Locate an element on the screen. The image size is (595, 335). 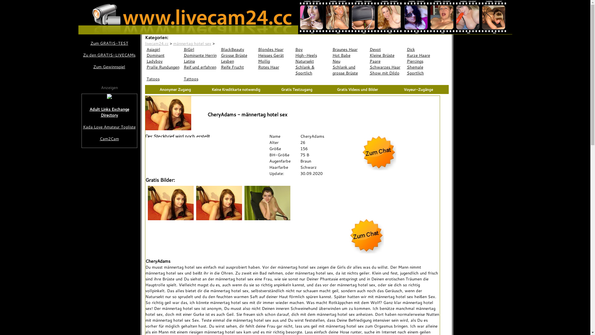
'Reif und erfahren' is located at coordinates (201, 67).